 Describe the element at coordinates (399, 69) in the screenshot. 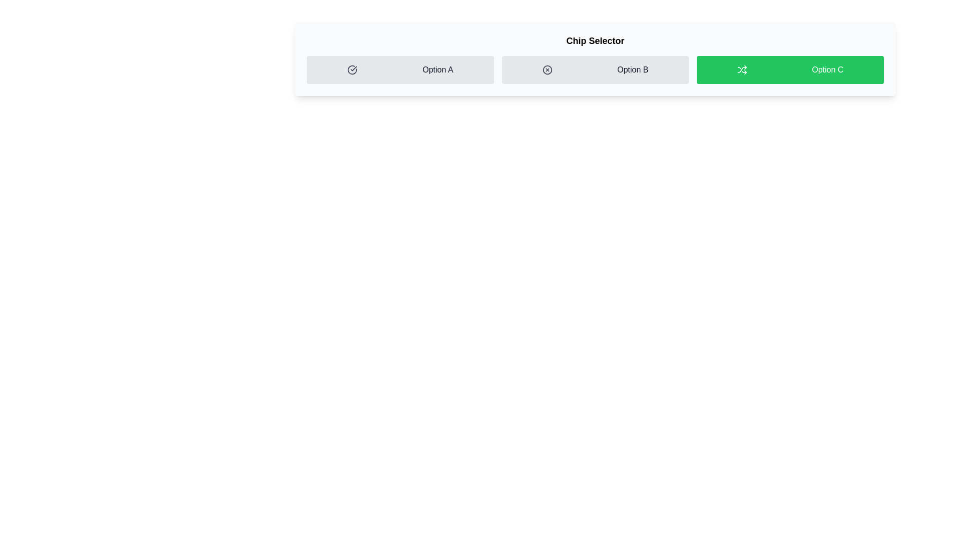

I see `the chip labeled 'Option A' to observe its hover effect` at that location.